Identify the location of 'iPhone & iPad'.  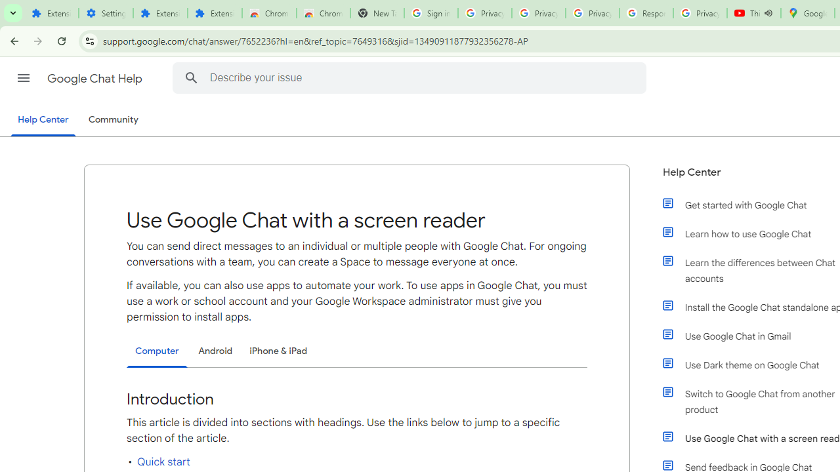
(278, 350).